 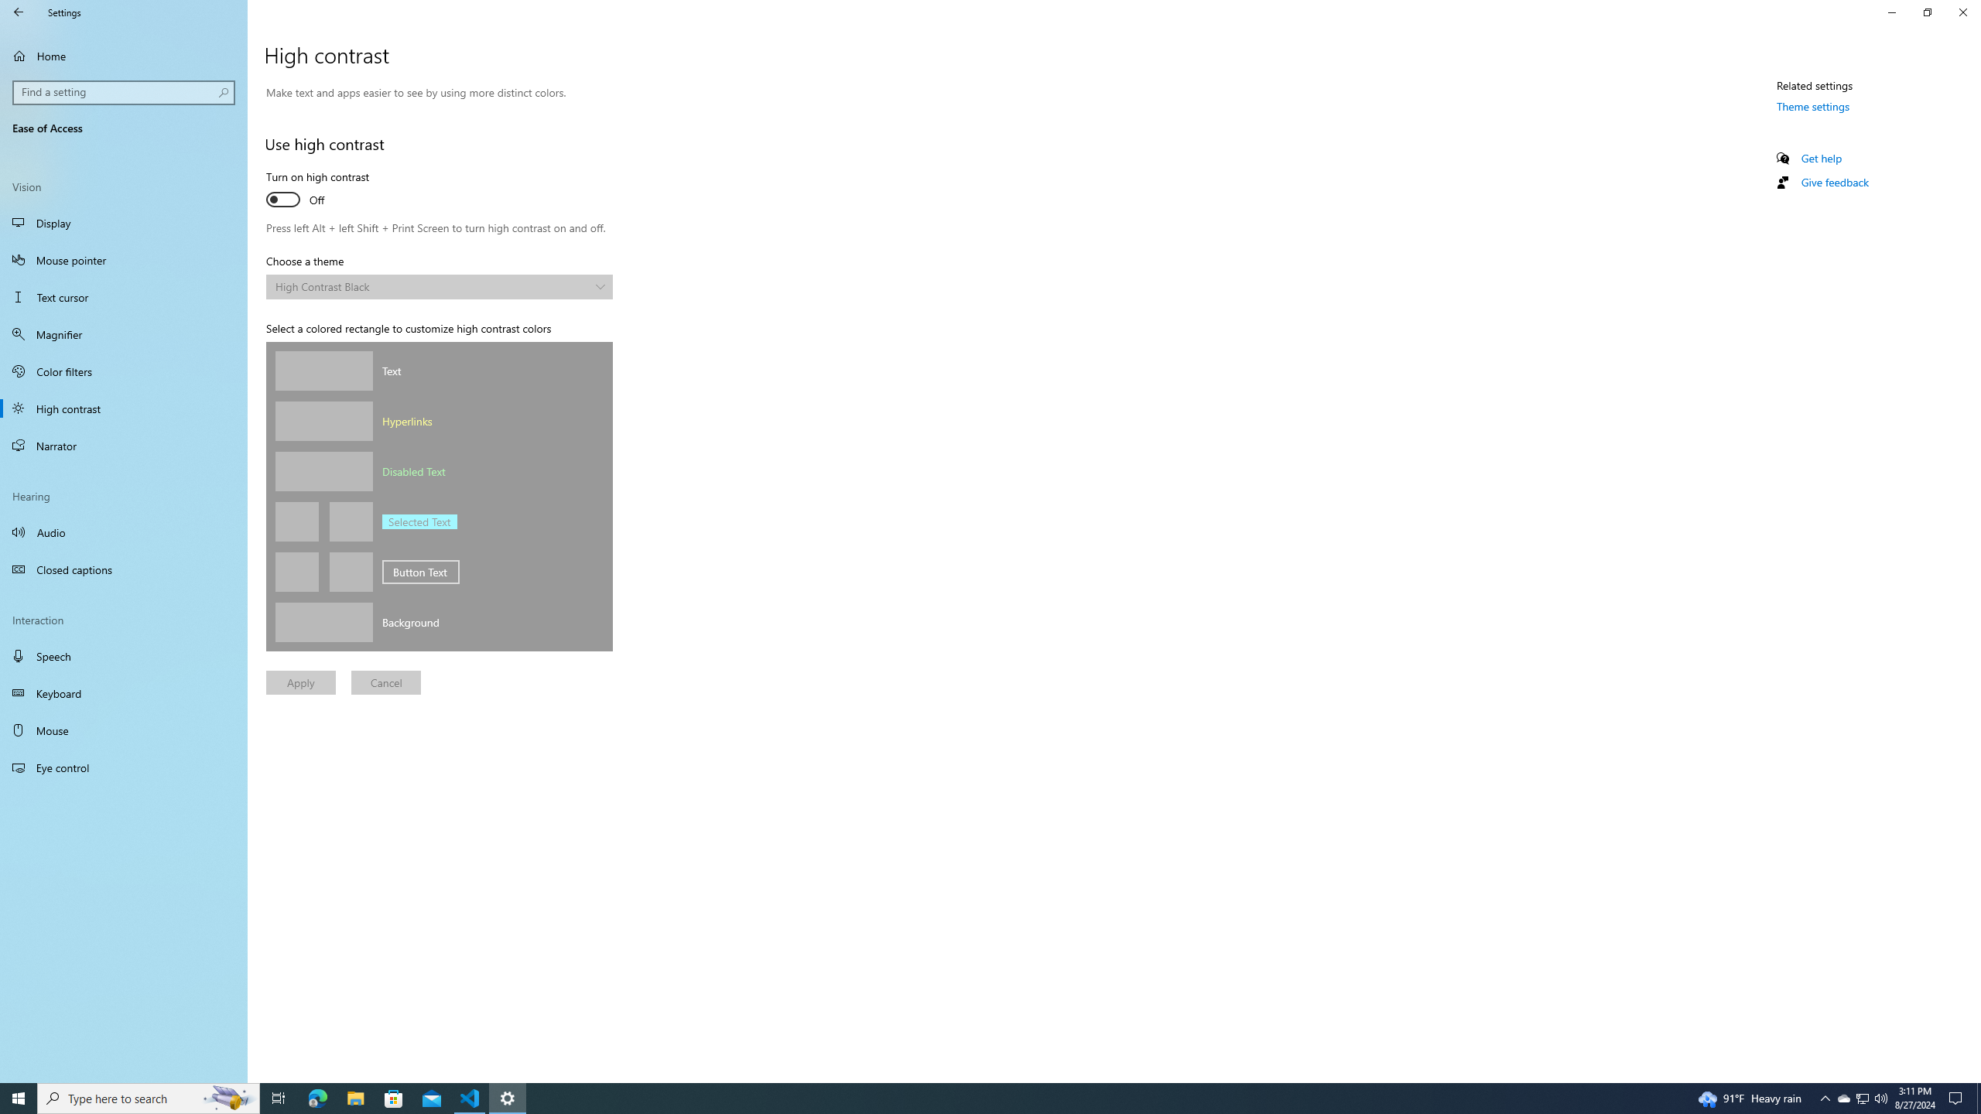 What do you see at coordinates (19, 1097) in the screenshot?
I see `'Start'` at bounding box center [19, 1097].